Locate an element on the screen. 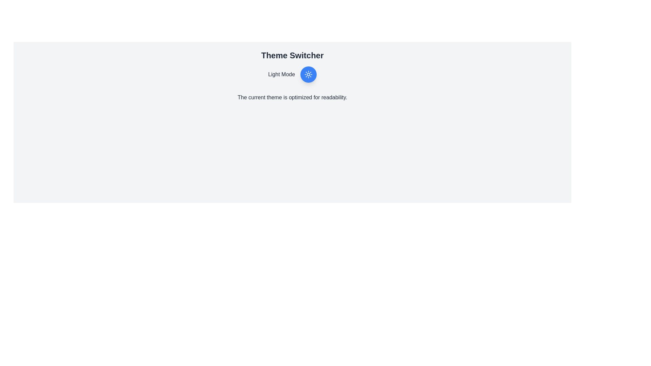 Image resolution: width=651 pixels, height=366 pixels. button to toggle the theme is located at coordinates (308, 74).